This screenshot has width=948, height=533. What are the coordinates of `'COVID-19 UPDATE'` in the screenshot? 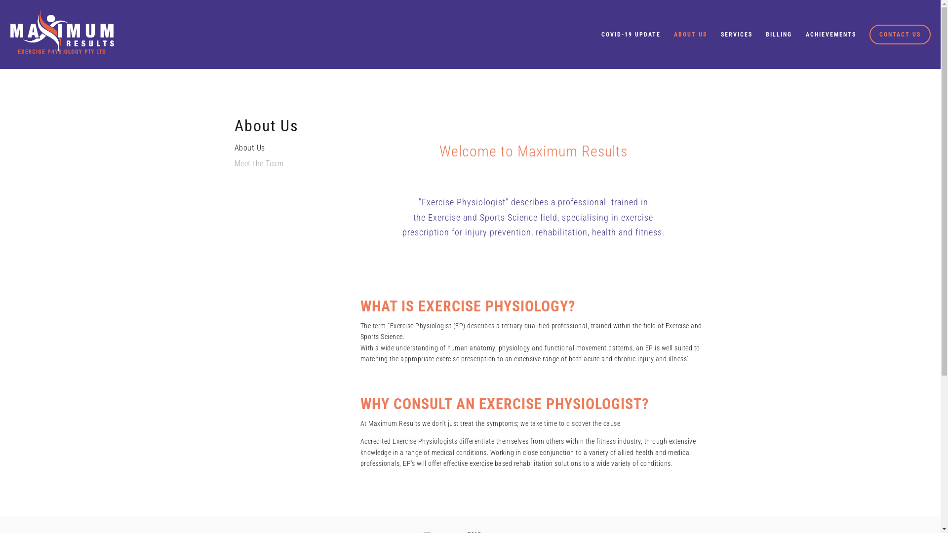 It's located at (594, 34).